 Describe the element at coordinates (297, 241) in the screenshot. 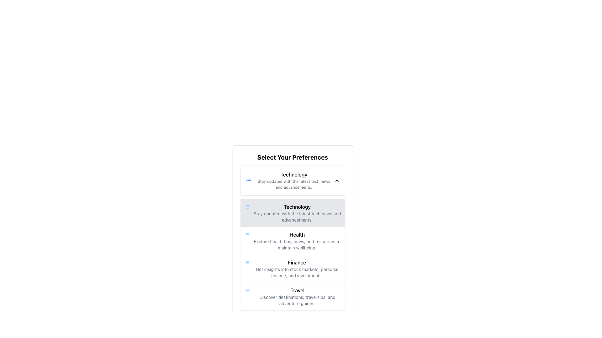

I see `the 'Health' text label that contains the title 'Health' in bold and larger font, and the description in smaller gray font, positioned between the 'Technology' and 'Finance' sections` at that location.